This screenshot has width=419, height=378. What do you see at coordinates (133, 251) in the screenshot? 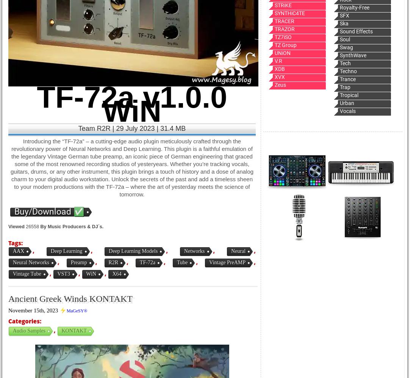
I see `'Deep Learning Models'` at bounding box center [133, 251].